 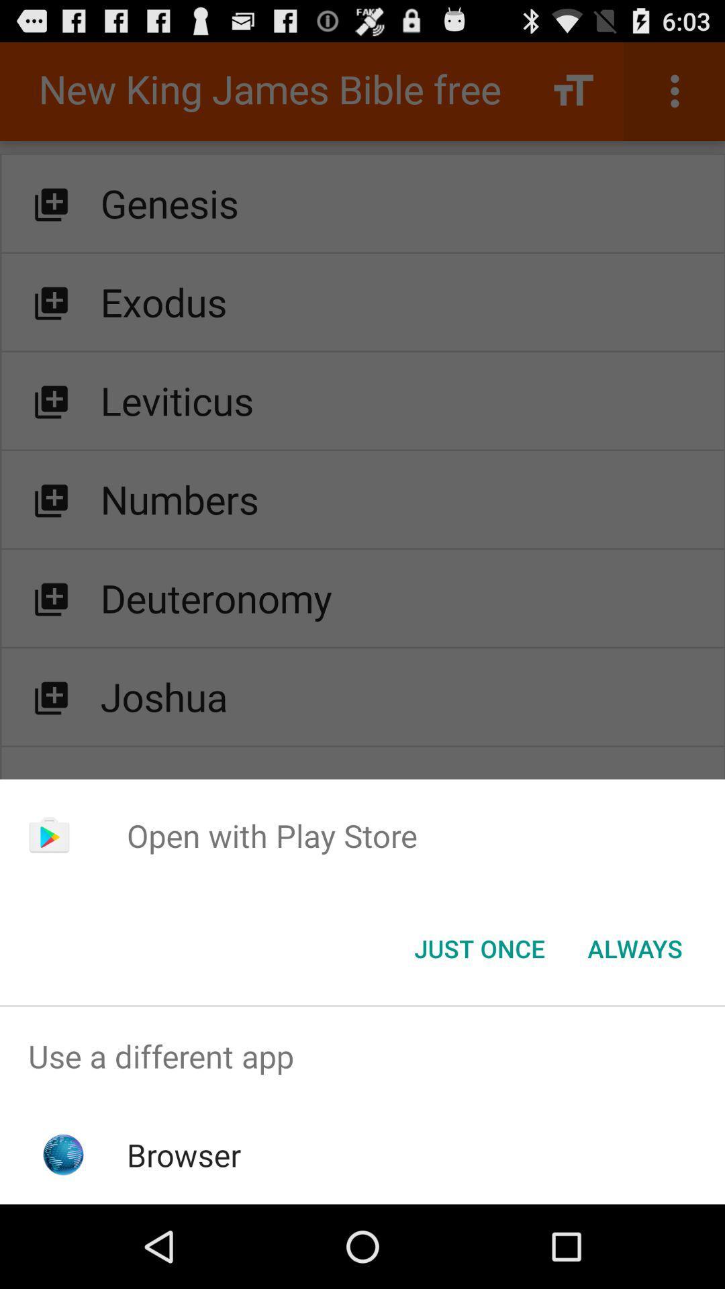 I want to click on item below the open with play item, so click(x=634, y=947).